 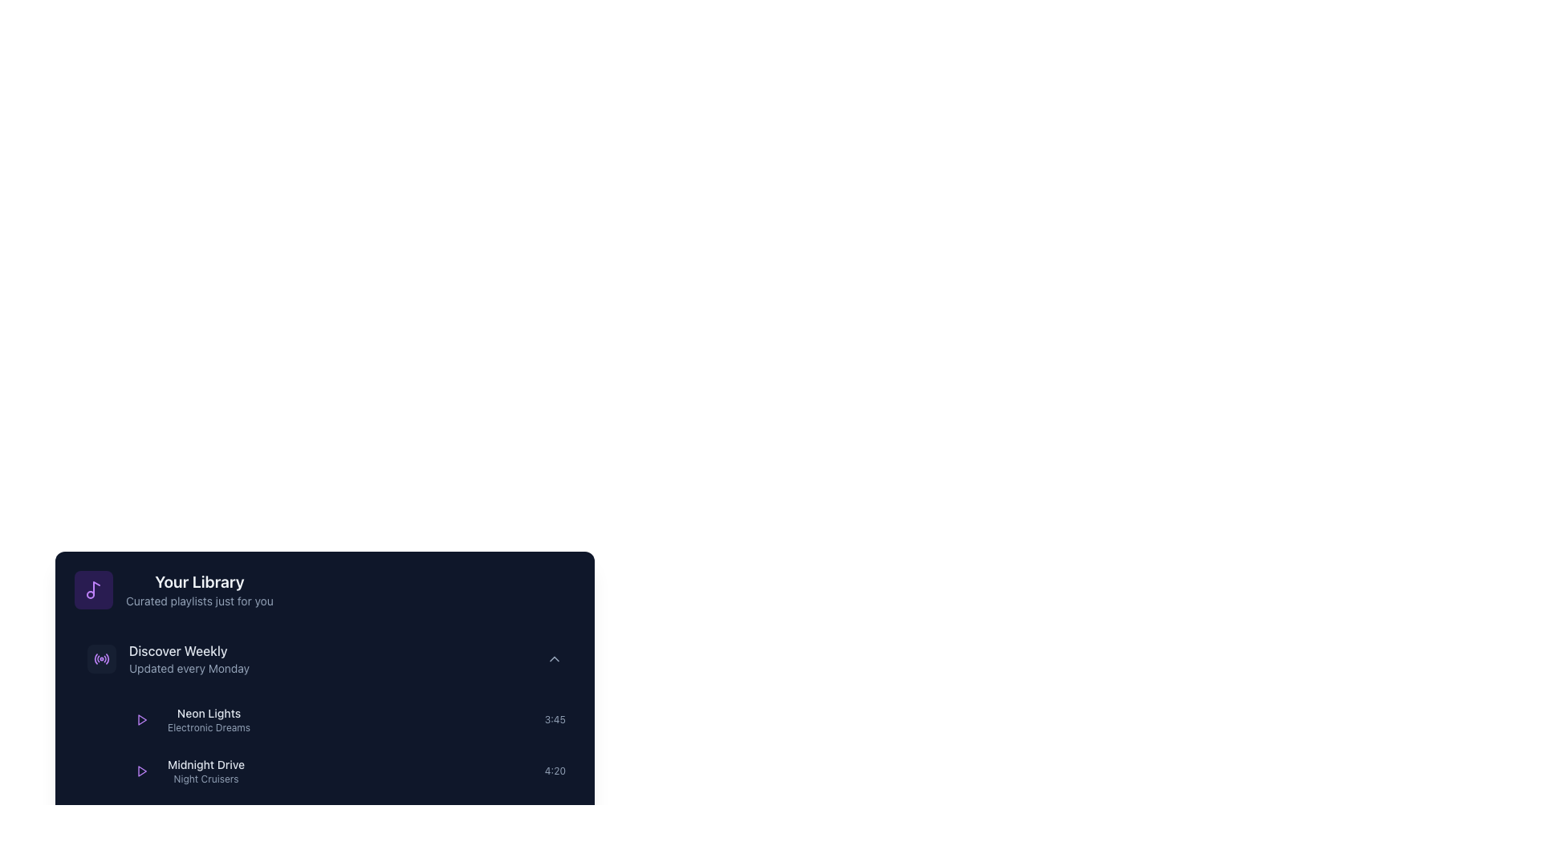 What do you see at coordinates (142, 719) in the screenshot?
I see `the playback activation button located in the vertical sidebar to the left of the text 'Neon Lights' and 'Electronic Dreams' to play the associated item` at bounding box center [142, 719].